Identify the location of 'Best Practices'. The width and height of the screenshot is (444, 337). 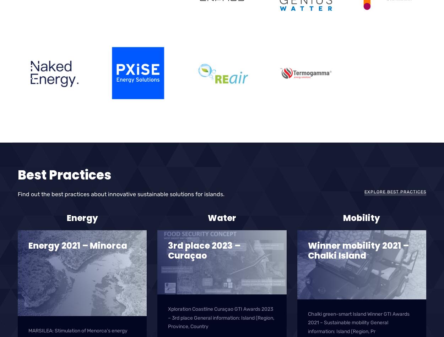
(18, 175).